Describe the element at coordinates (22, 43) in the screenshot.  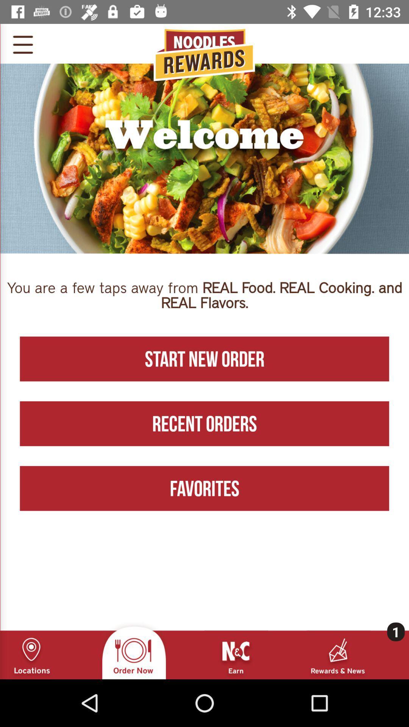
I see `share the article` at that location.